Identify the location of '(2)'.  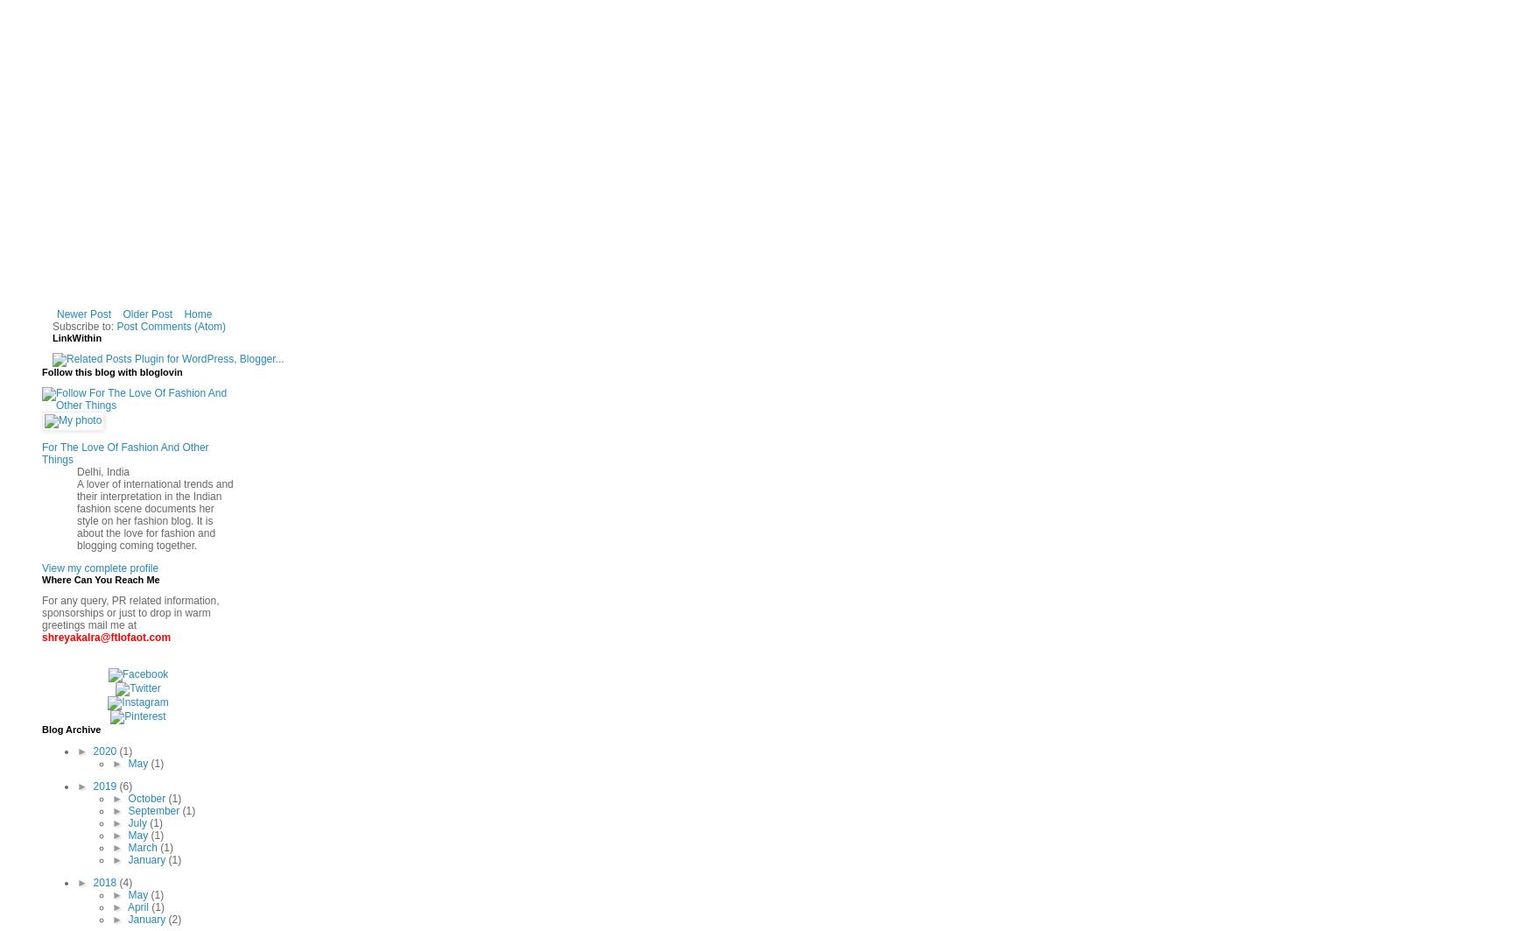
(174, 919).